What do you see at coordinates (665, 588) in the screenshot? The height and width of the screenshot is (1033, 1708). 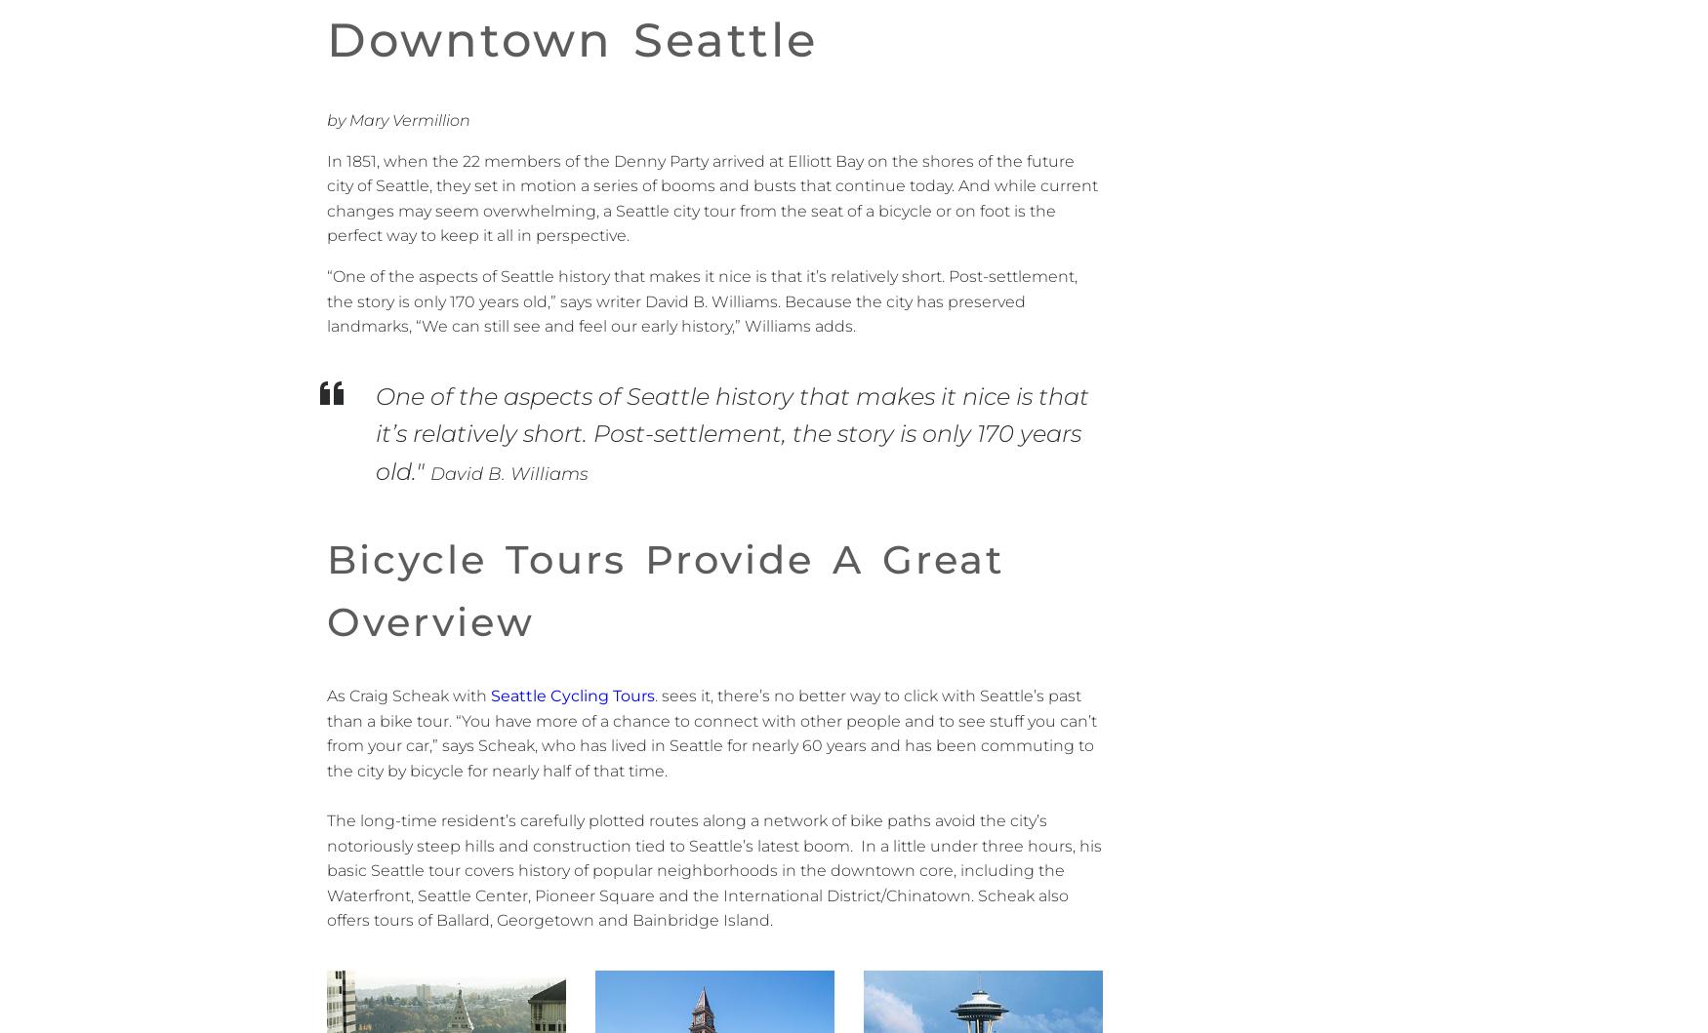 I see `'Bicycle tours provide a great overview'` at bounding box center [665, 588].